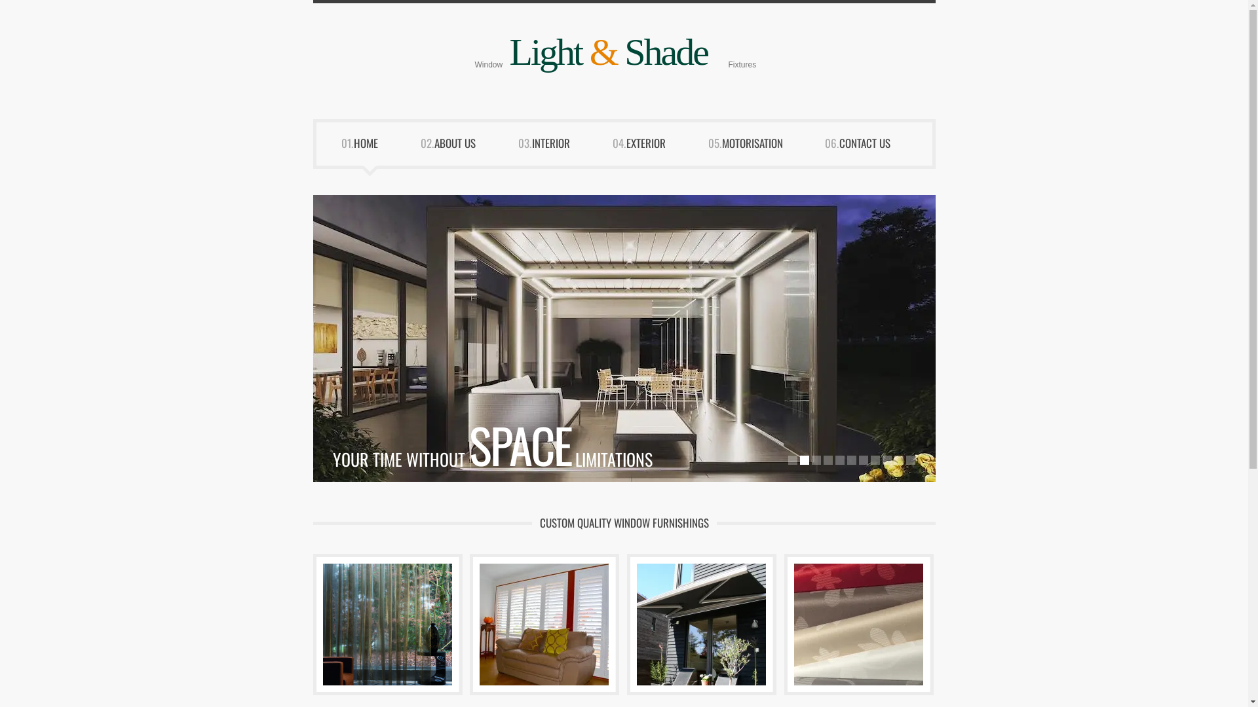  What do you see at coordinates (803, 459) in the screenshot?
I see `'2'` at bounding box center [803, 459].